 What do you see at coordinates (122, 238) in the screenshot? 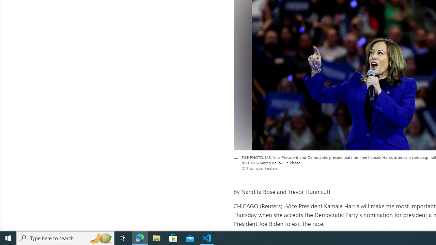
I see `'Task View'` at bounding box center [122, 238].